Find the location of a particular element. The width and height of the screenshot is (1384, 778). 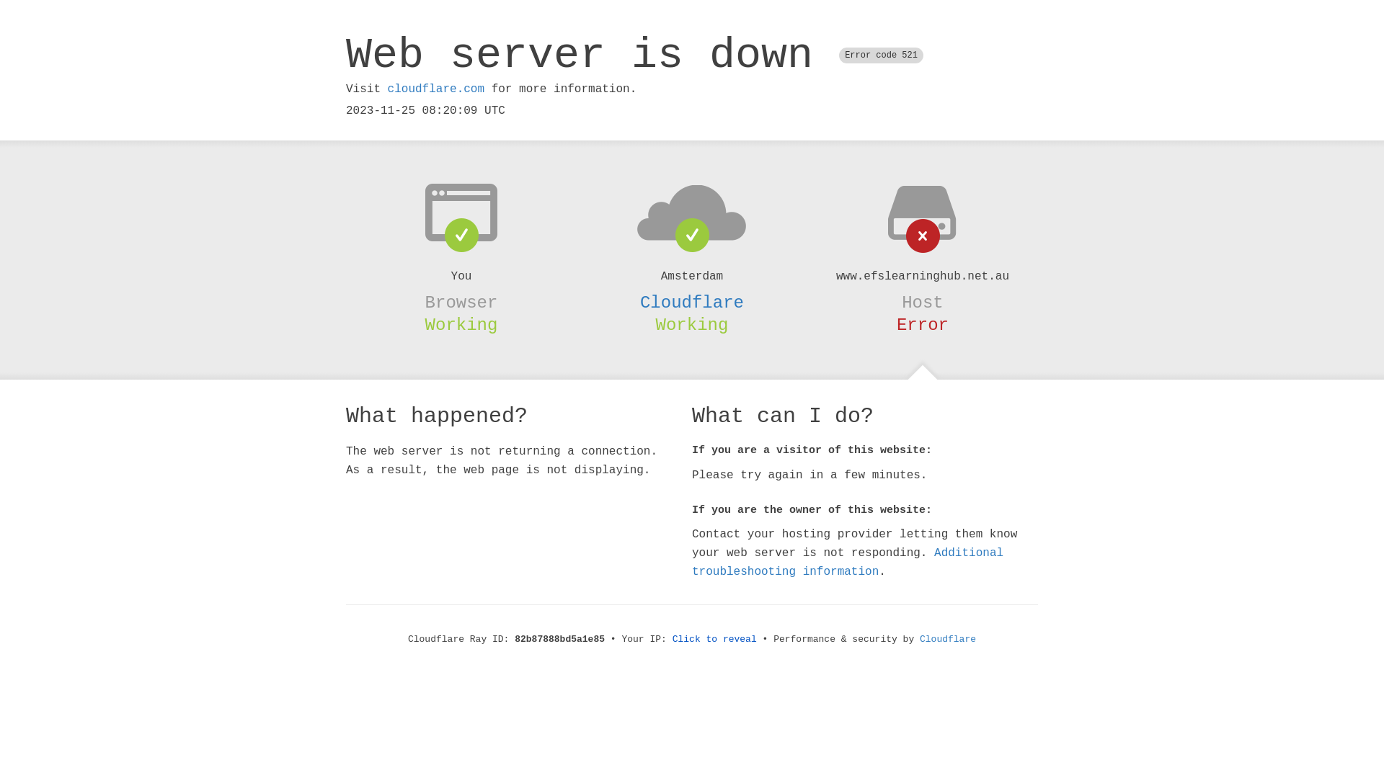

'Additional troubleshooting information' is located at coordinates (848, 561).